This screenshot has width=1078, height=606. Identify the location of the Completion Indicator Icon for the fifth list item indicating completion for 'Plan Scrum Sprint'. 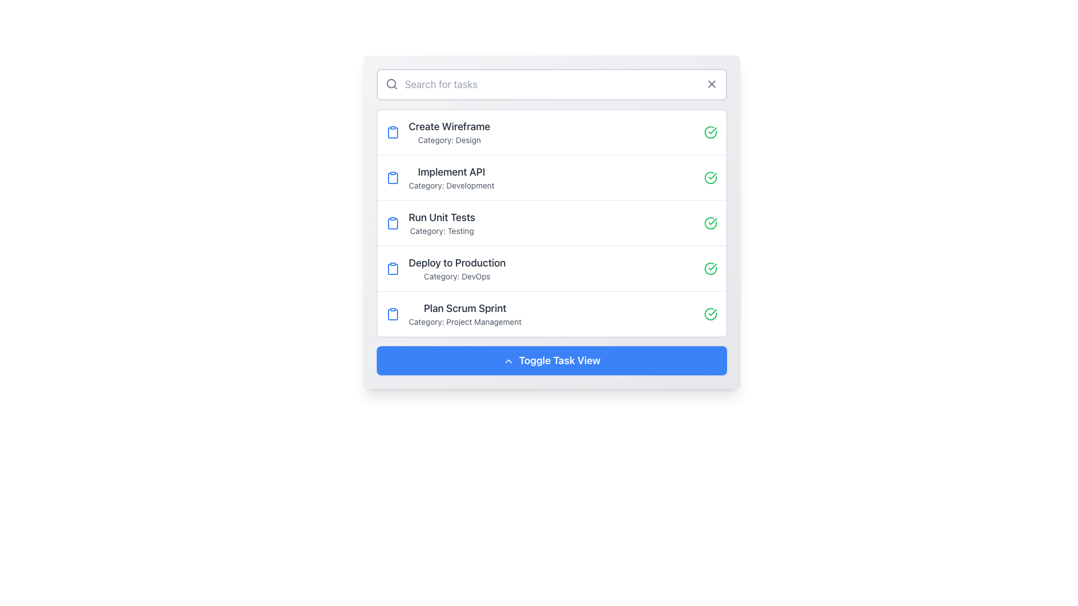
(710, 314).